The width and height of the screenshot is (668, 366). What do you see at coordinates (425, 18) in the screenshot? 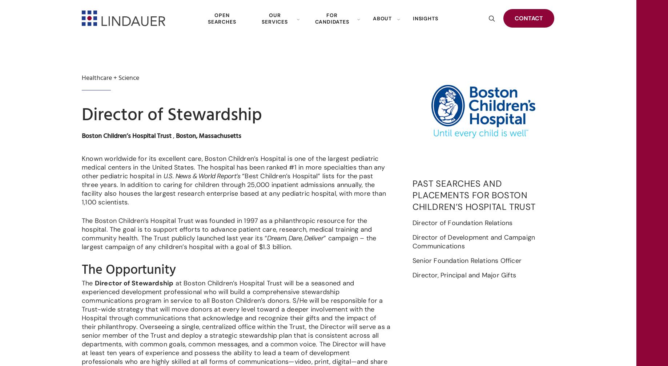
I see `'INSIGHTS'` at bounding box center [425, 18].